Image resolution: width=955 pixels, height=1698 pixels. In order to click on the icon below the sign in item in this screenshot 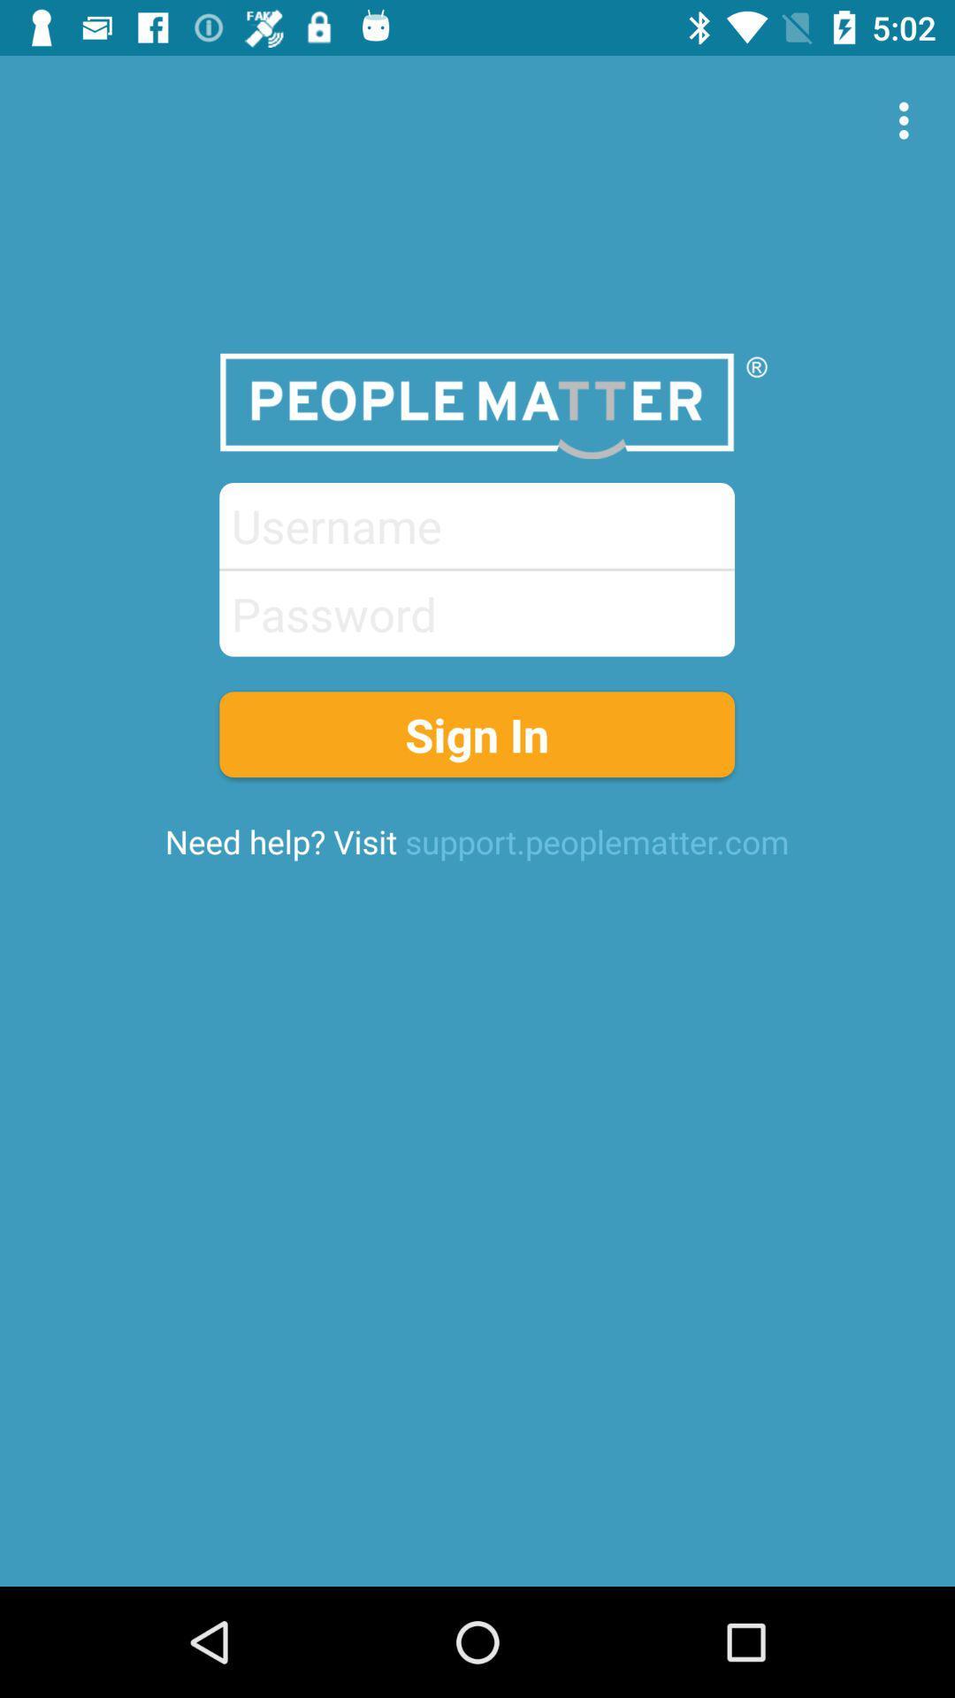, I will do `click(476, 840)`.